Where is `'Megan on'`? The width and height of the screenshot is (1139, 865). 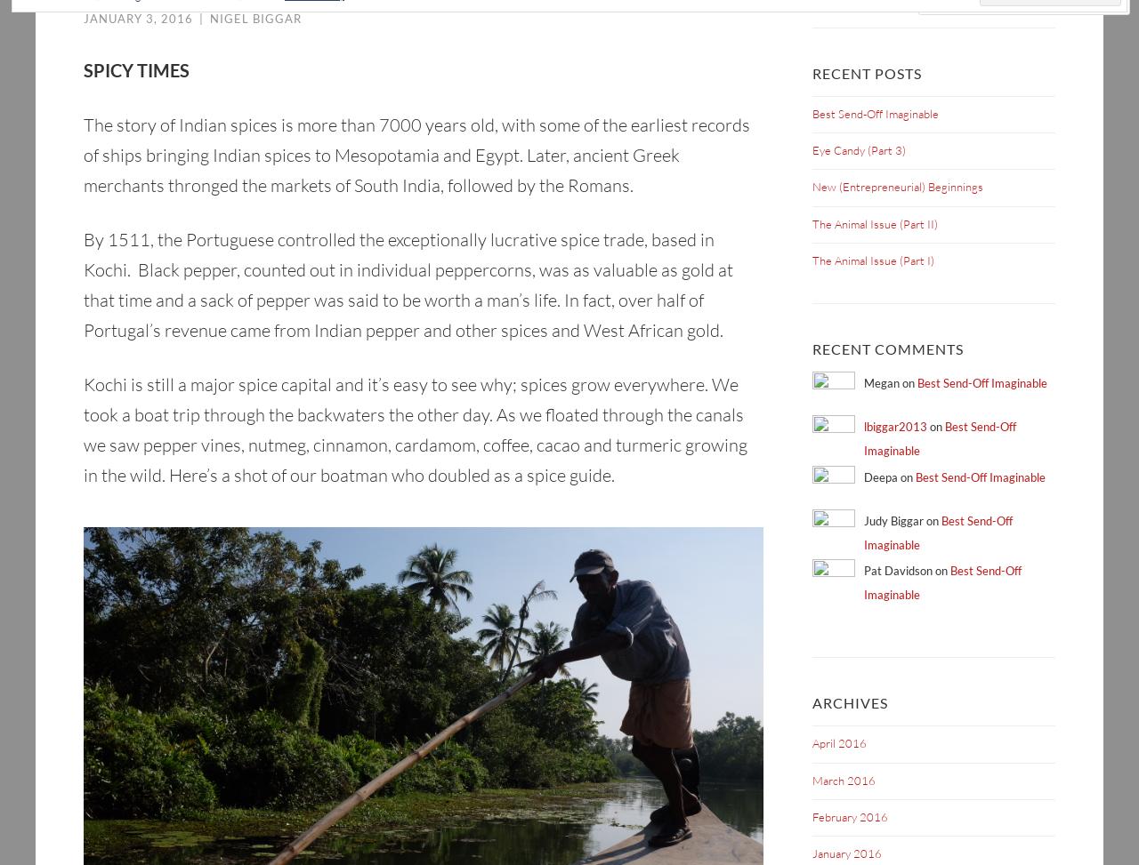
'Megan on' is located at coordinates (890, 383).